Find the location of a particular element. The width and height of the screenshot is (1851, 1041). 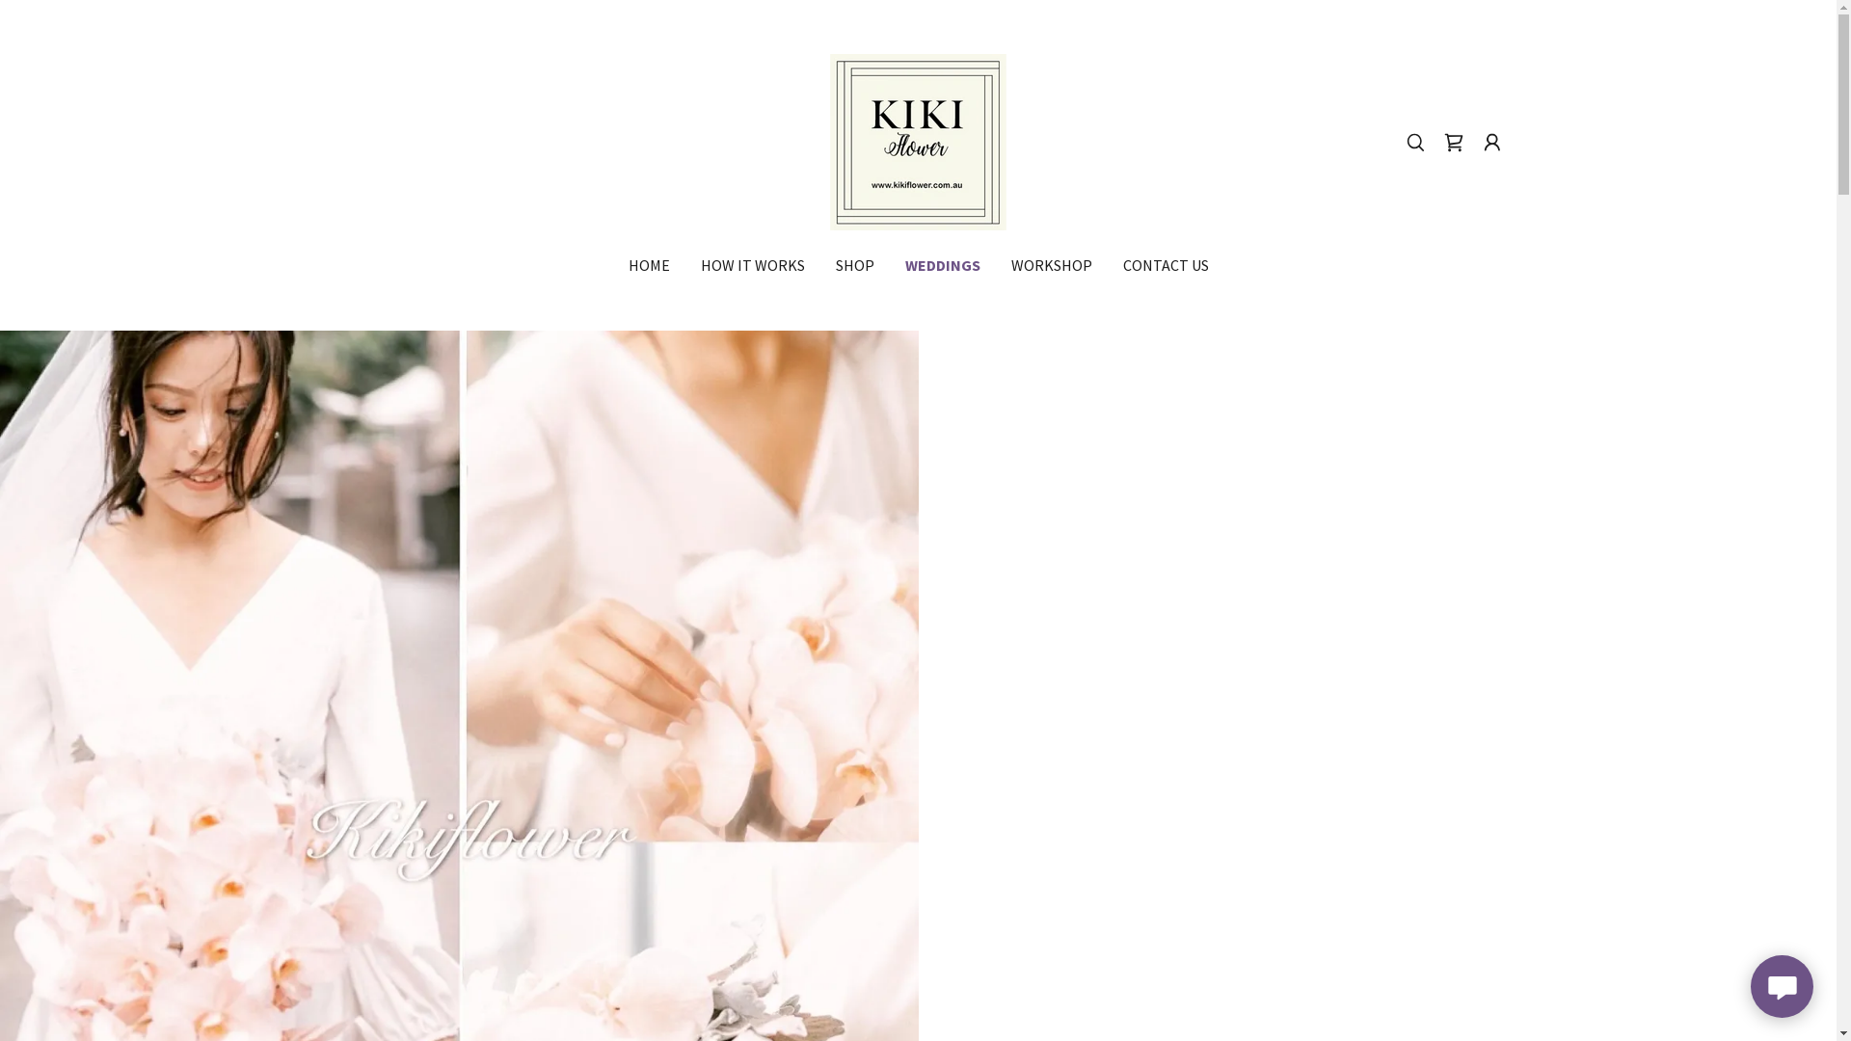

'WORKSHOP' is located at coordinates (1003, 264).